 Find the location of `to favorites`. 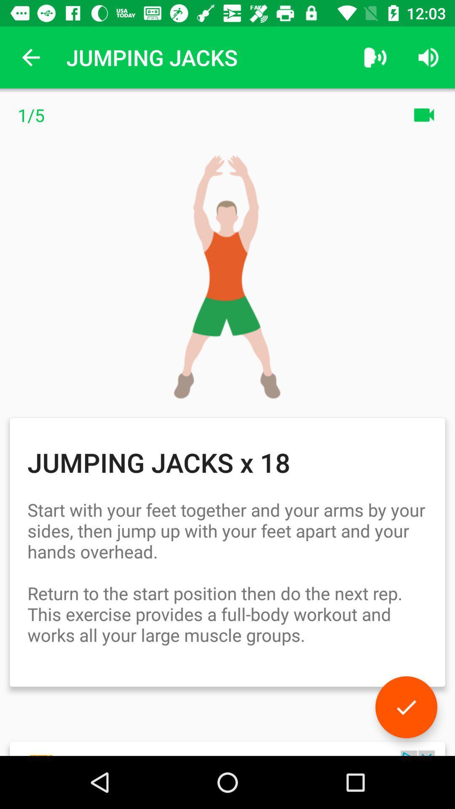

to favorites is located at coordinates (406, 707).